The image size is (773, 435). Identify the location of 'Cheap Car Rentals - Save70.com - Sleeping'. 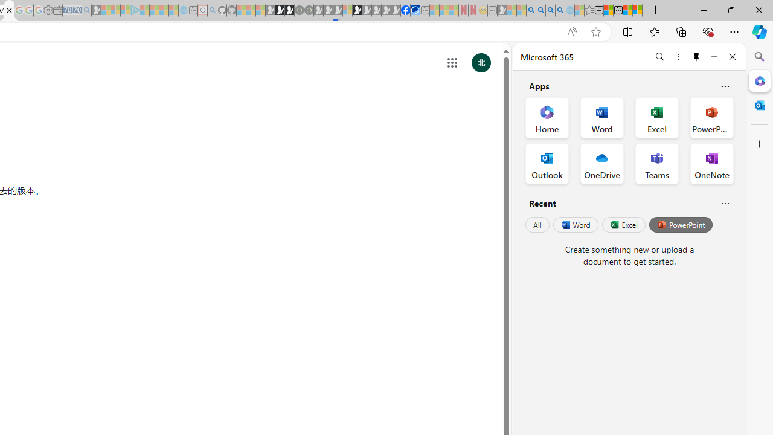
(76, 10).